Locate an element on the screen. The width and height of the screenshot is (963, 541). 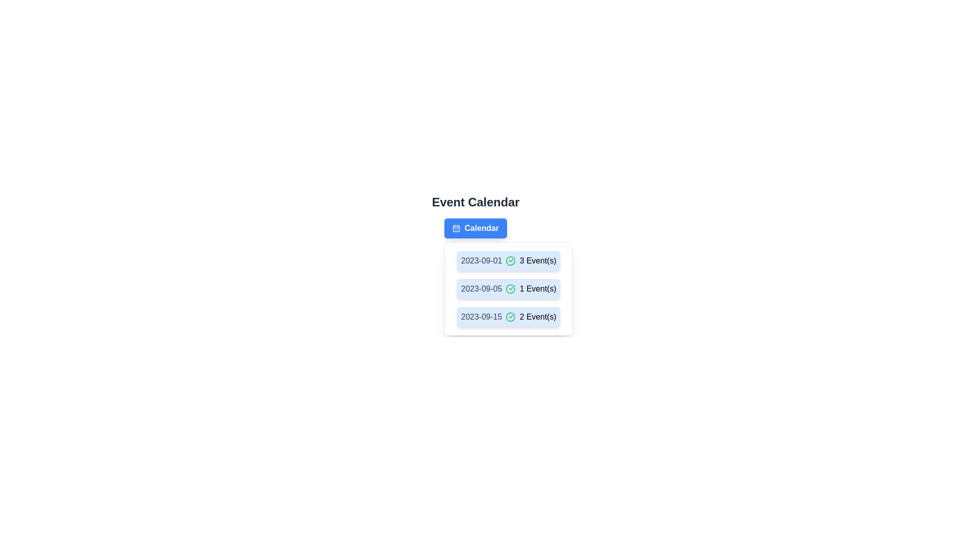
the third clickable list item representing events scheduled for the date '2023-09-15' is located at coordinates (509, 317).